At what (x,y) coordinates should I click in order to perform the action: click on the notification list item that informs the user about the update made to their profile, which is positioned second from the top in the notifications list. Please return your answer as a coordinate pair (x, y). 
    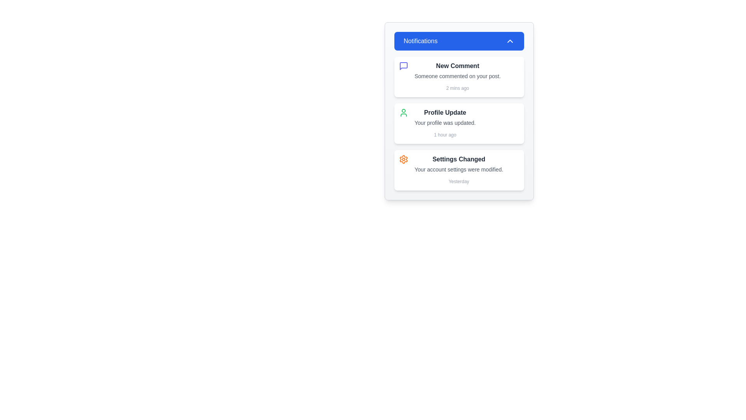
    Looking at the image, I should click on (445, 123).